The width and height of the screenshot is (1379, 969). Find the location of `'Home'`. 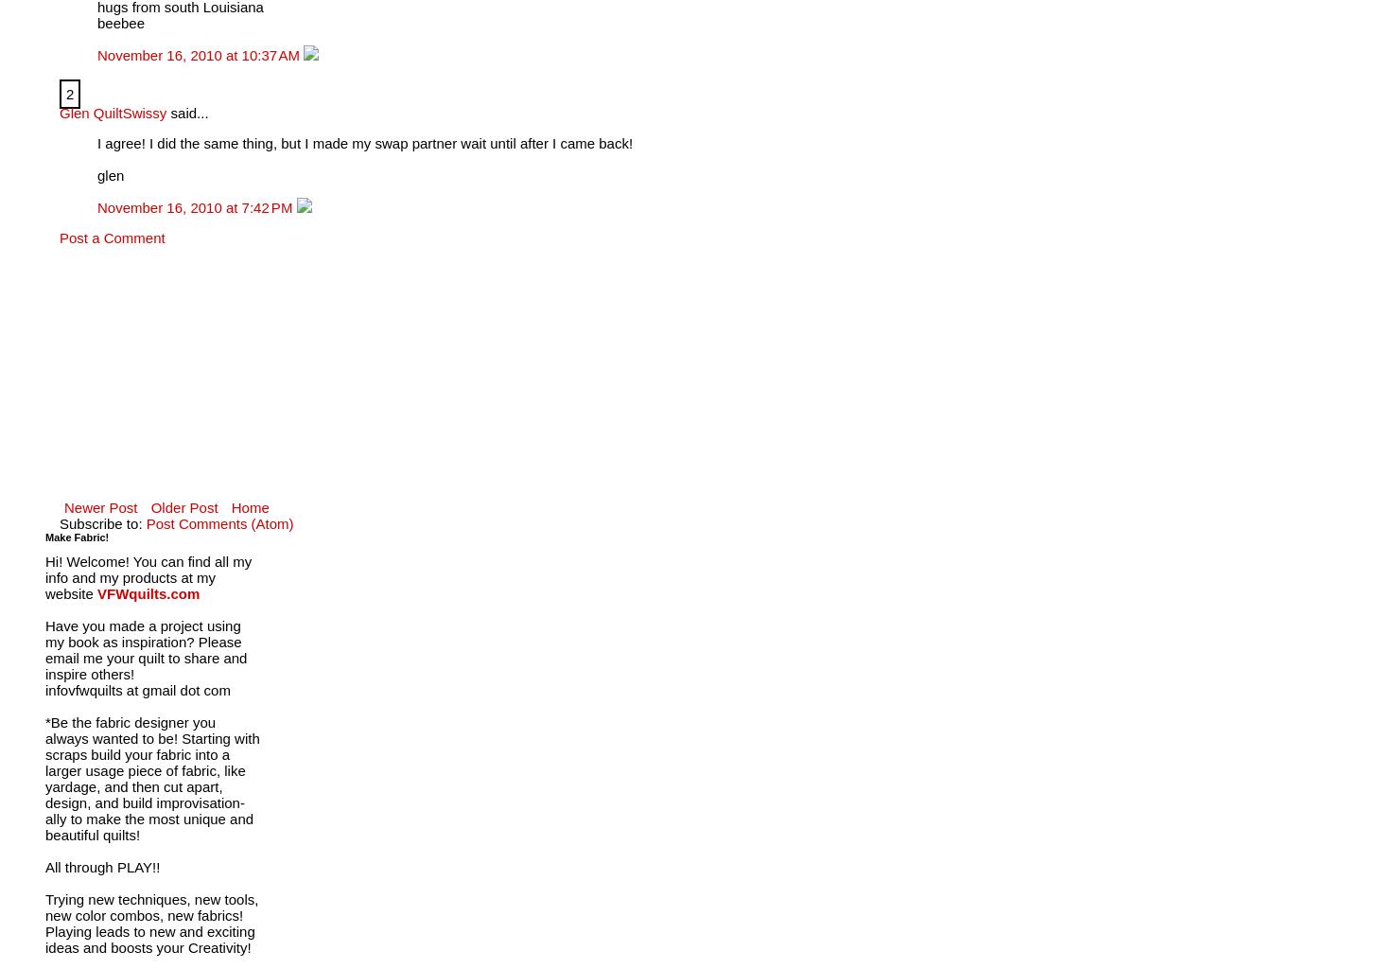

'Home' is located at coordinates (249, 506).